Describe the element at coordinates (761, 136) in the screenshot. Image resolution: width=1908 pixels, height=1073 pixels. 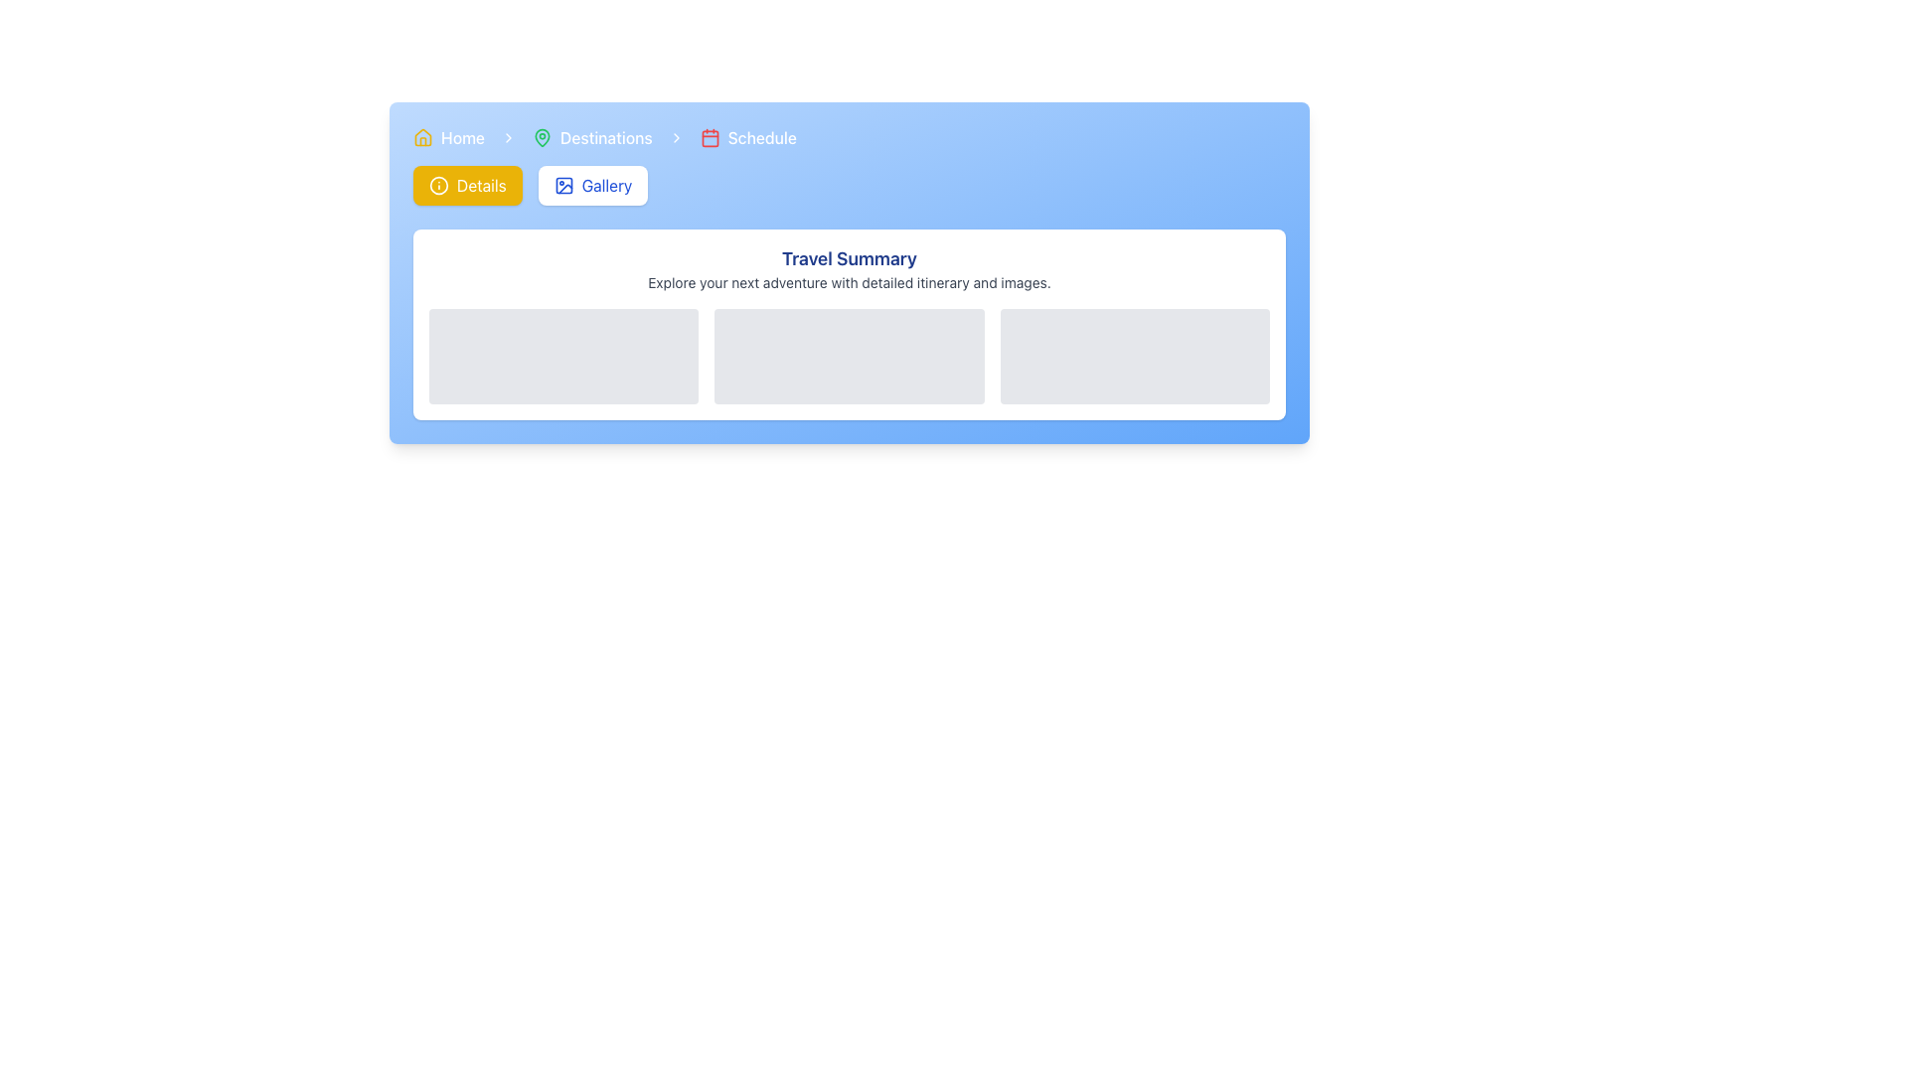
I see `the 'Schedule' text label in the breadcrumb navigation bar that indicates the current page context` at that location.